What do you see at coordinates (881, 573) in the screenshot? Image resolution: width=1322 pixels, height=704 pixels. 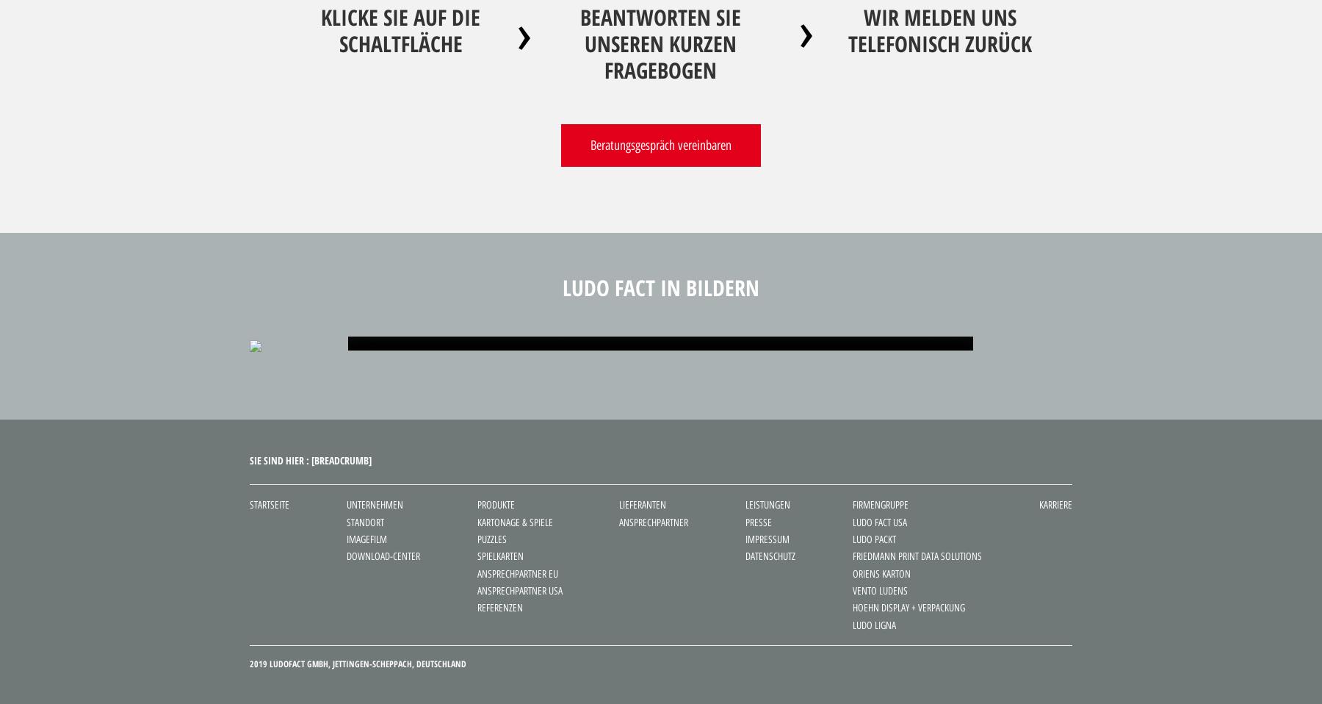 I see `'Oriens Karton'` at bounding box center [881, 573].